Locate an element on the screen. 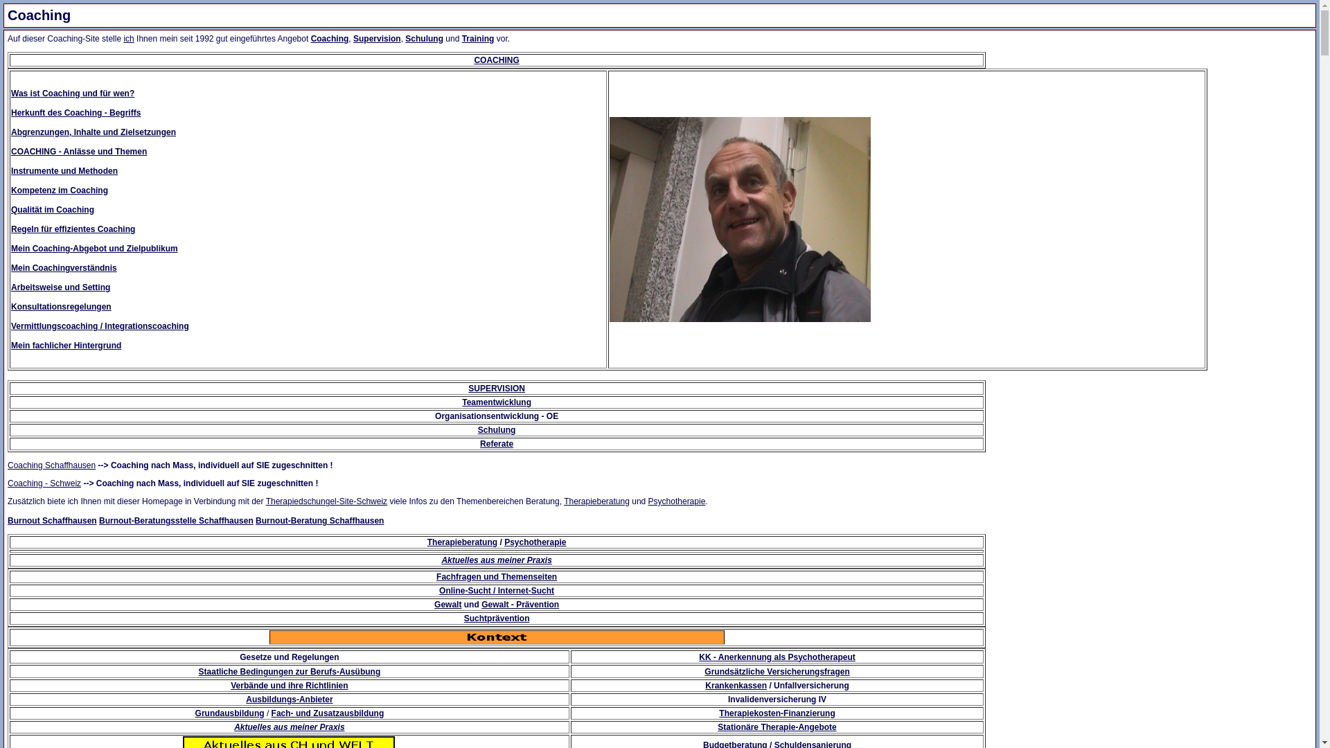 The width and height of the screenshot is (1330, 748). 'Aktuelles aus meiner Praxis' is located at coordinates (288, 726).